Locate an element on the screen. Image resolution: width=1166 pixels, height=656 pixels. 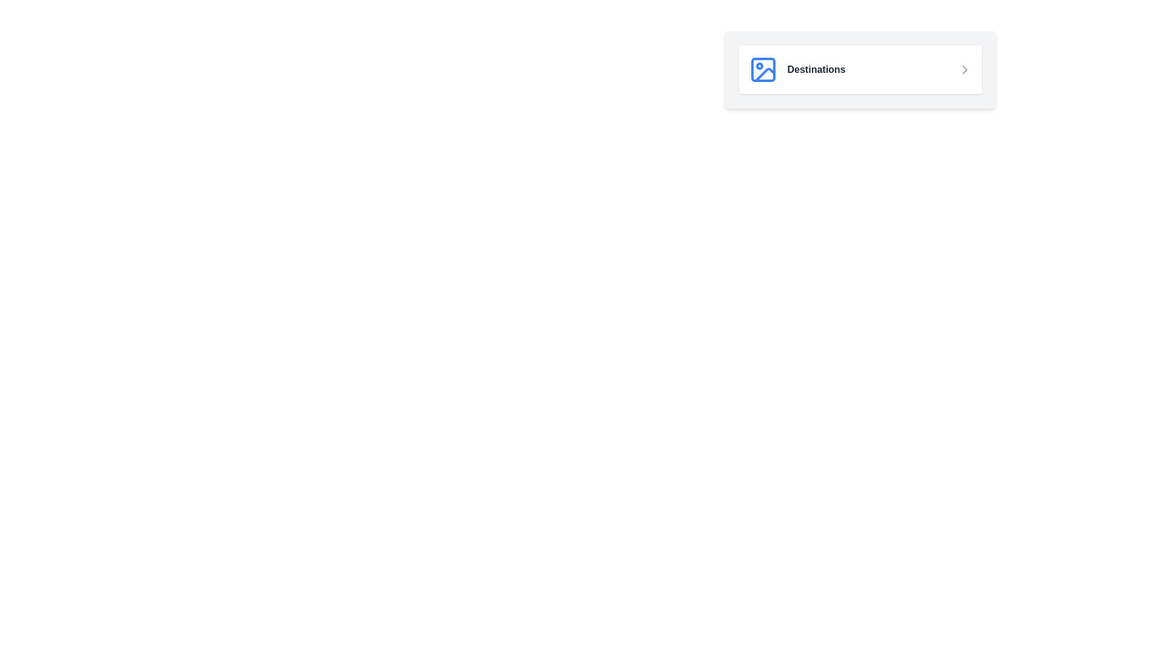
the 'Destinations' component, which features a blue icon on the left and bold dark-gray text on the right, located in the top-right quadrant of the interface is located at coordinates (797, 70).